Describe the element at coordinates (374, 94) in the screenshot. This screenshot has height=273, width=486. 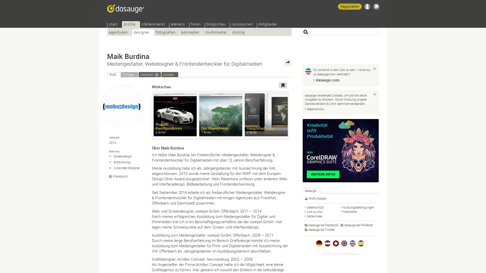
I see `Ich wei` at that location.